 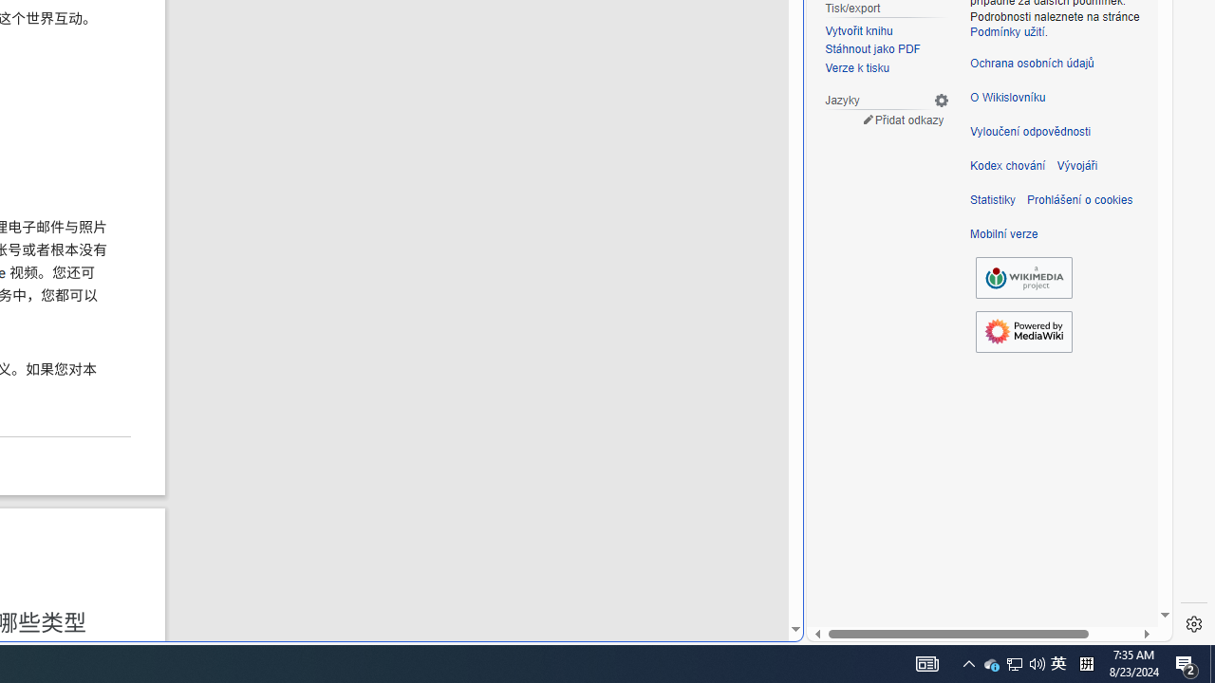 I want to click on 'AutomationID: footer-copyrightico', so click(x=1023, y=278).